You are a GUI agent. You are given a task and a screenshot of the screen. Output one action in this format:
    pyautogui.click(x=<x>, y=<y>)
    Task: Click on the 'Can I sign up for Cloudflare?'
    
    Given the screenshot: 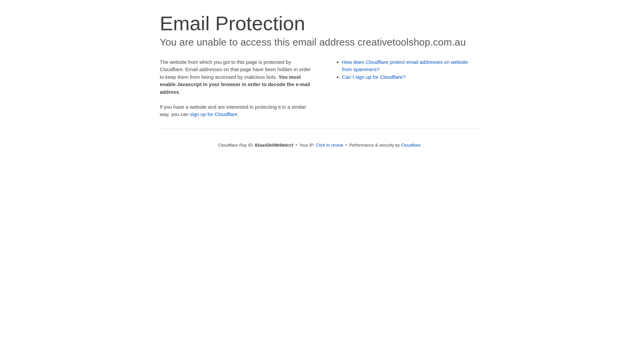 What is the action you would take?
    pyautogui.click(x=374, y=76)
    